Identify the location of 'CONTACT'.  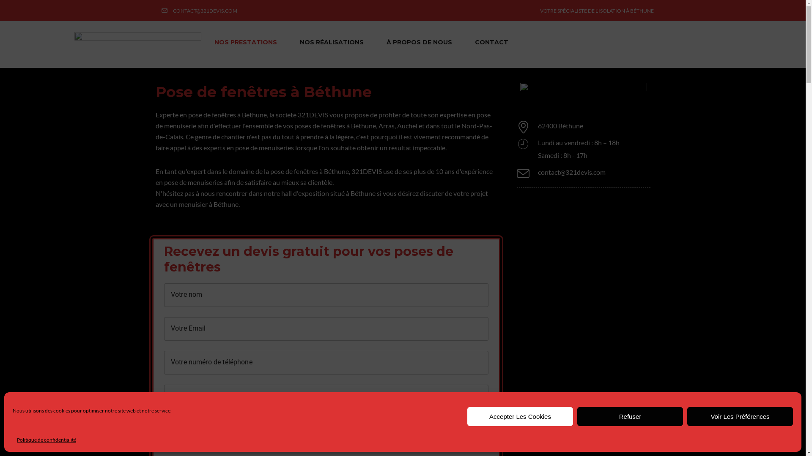
(491, 42).